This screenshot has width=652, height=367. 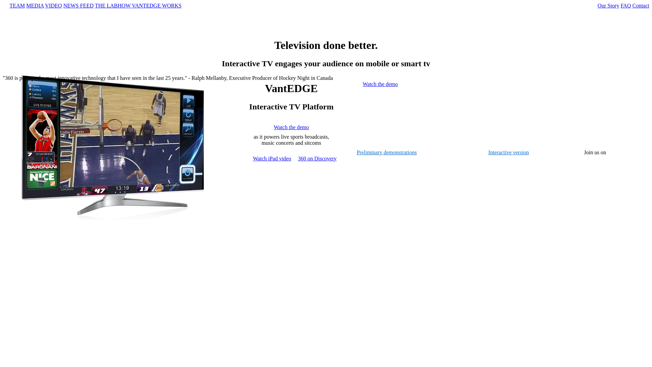 I want to click on '360 on Discovery', so click(x=298, y=158).